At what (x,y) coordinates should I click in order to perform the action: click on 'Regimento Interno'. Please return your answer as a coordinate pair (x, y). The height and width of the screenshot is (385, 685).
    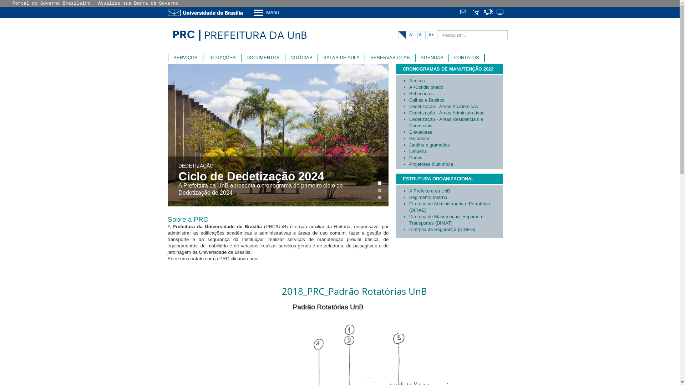
    Looking at the image, I should click on (409, 197).